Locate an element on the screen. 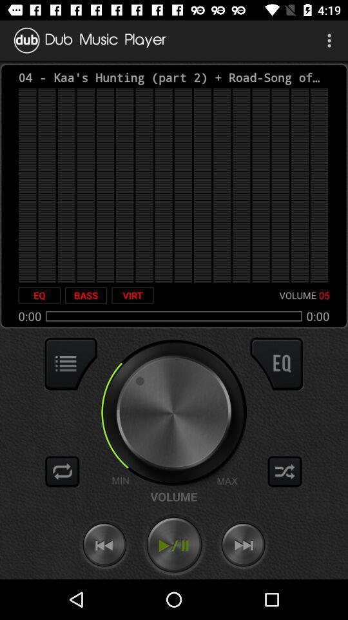  repeat option is located at coordinates (62, 471).